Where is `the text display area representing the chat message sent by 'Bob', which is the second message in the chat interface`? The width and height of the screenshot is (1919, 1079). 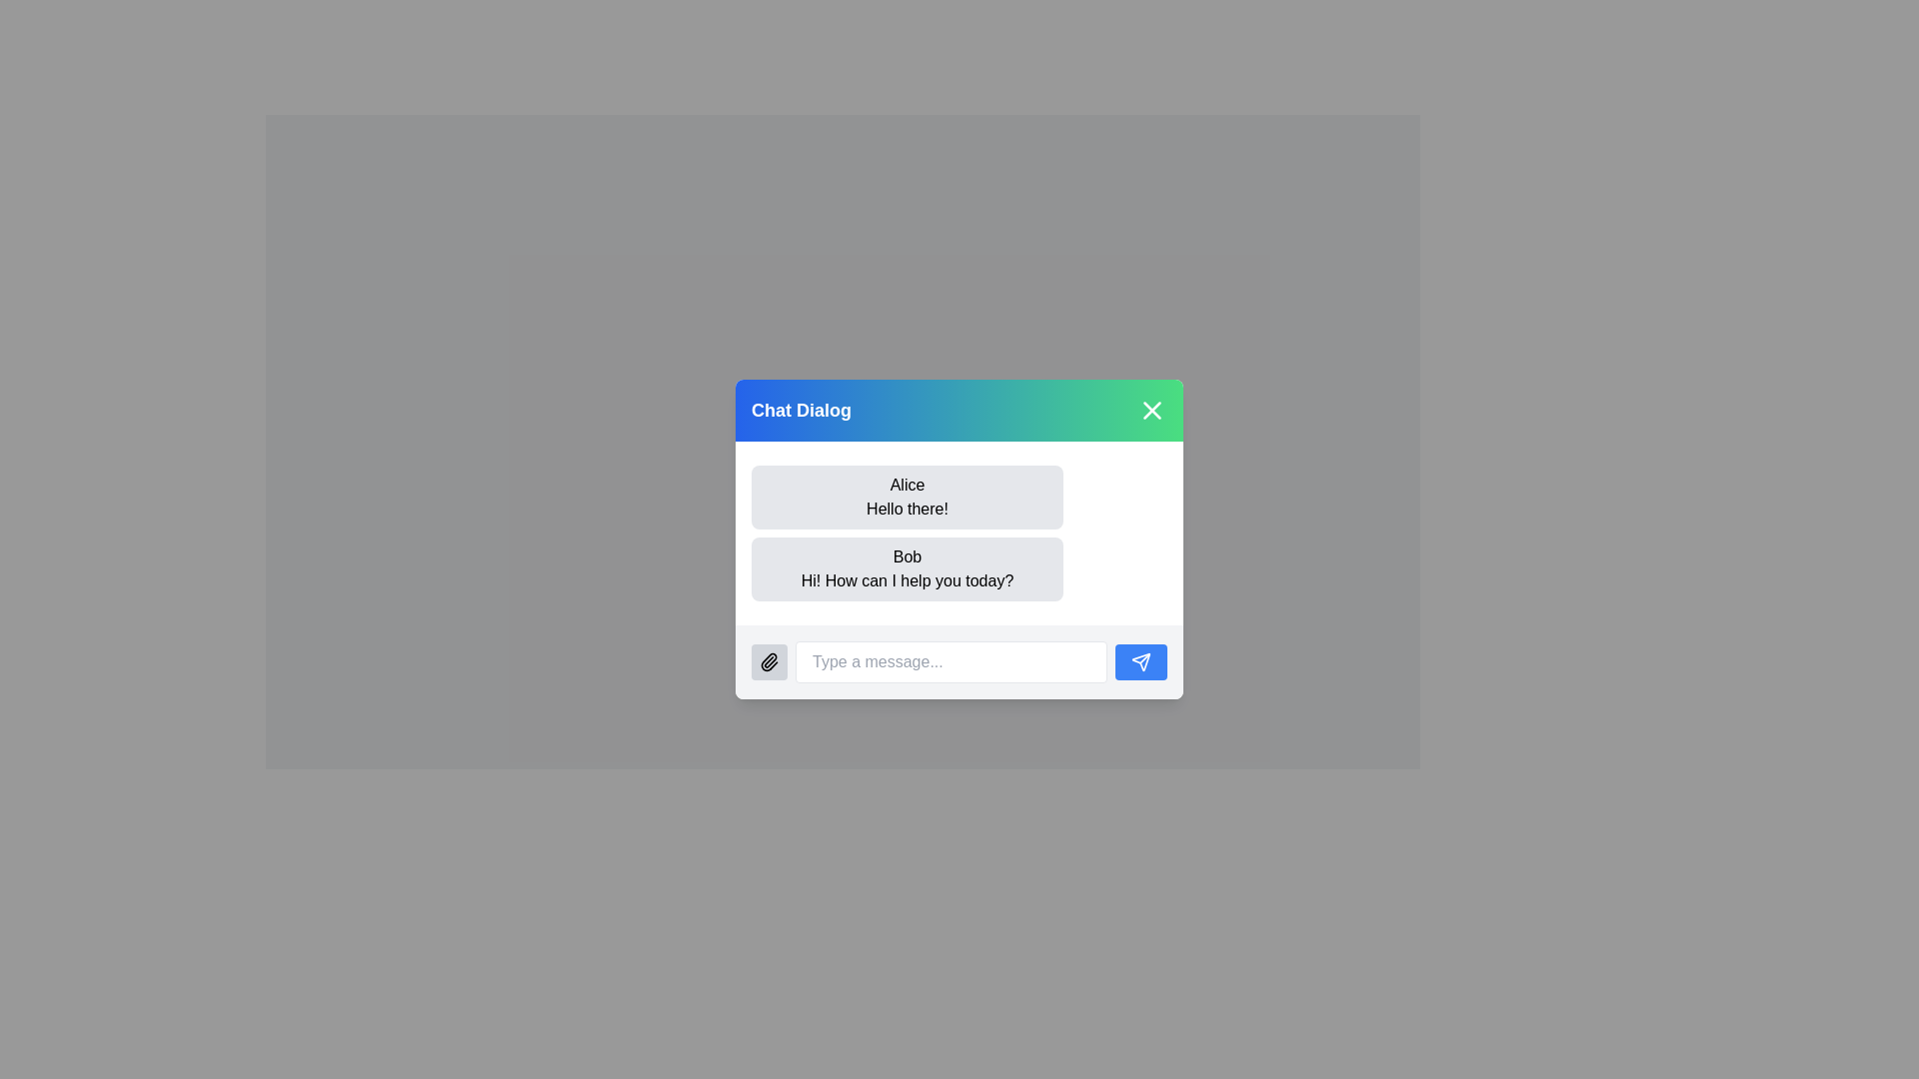 the text display area representing the chat message sent by 'Bob', which is the second message in the chat interface is located at coordinates (906, 569).